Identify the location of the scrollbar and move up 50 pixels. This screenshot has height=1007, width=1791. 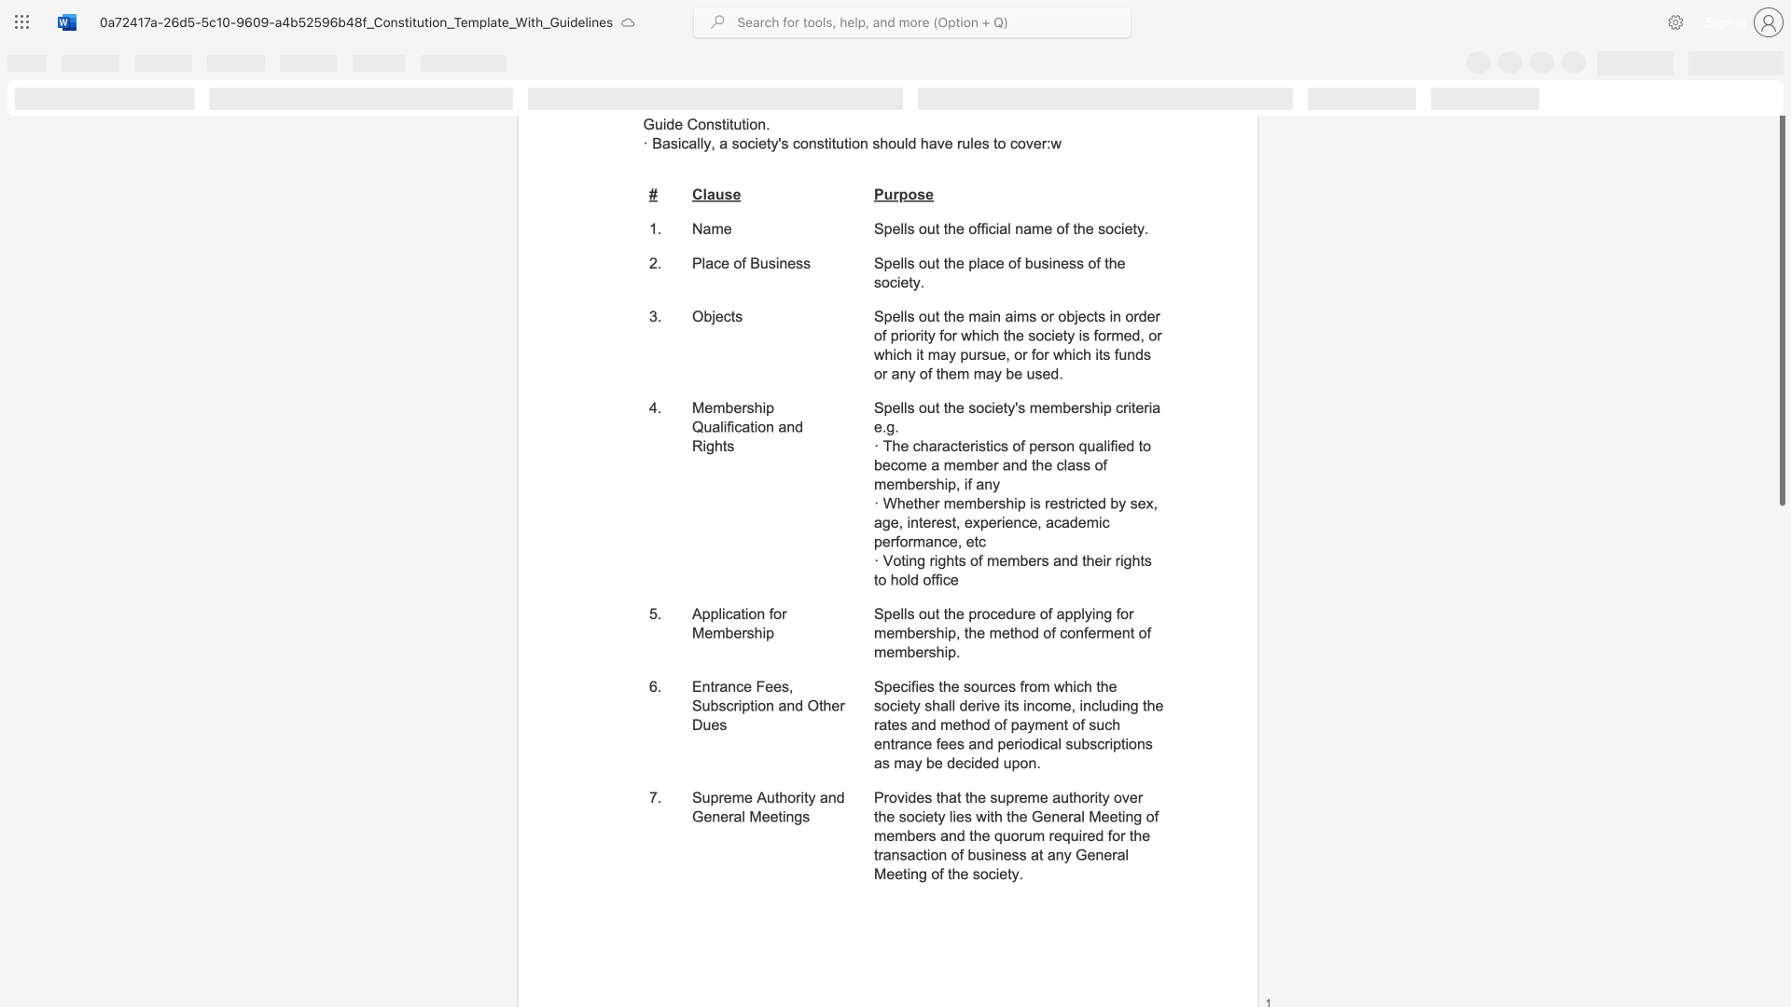
(1781, 297).